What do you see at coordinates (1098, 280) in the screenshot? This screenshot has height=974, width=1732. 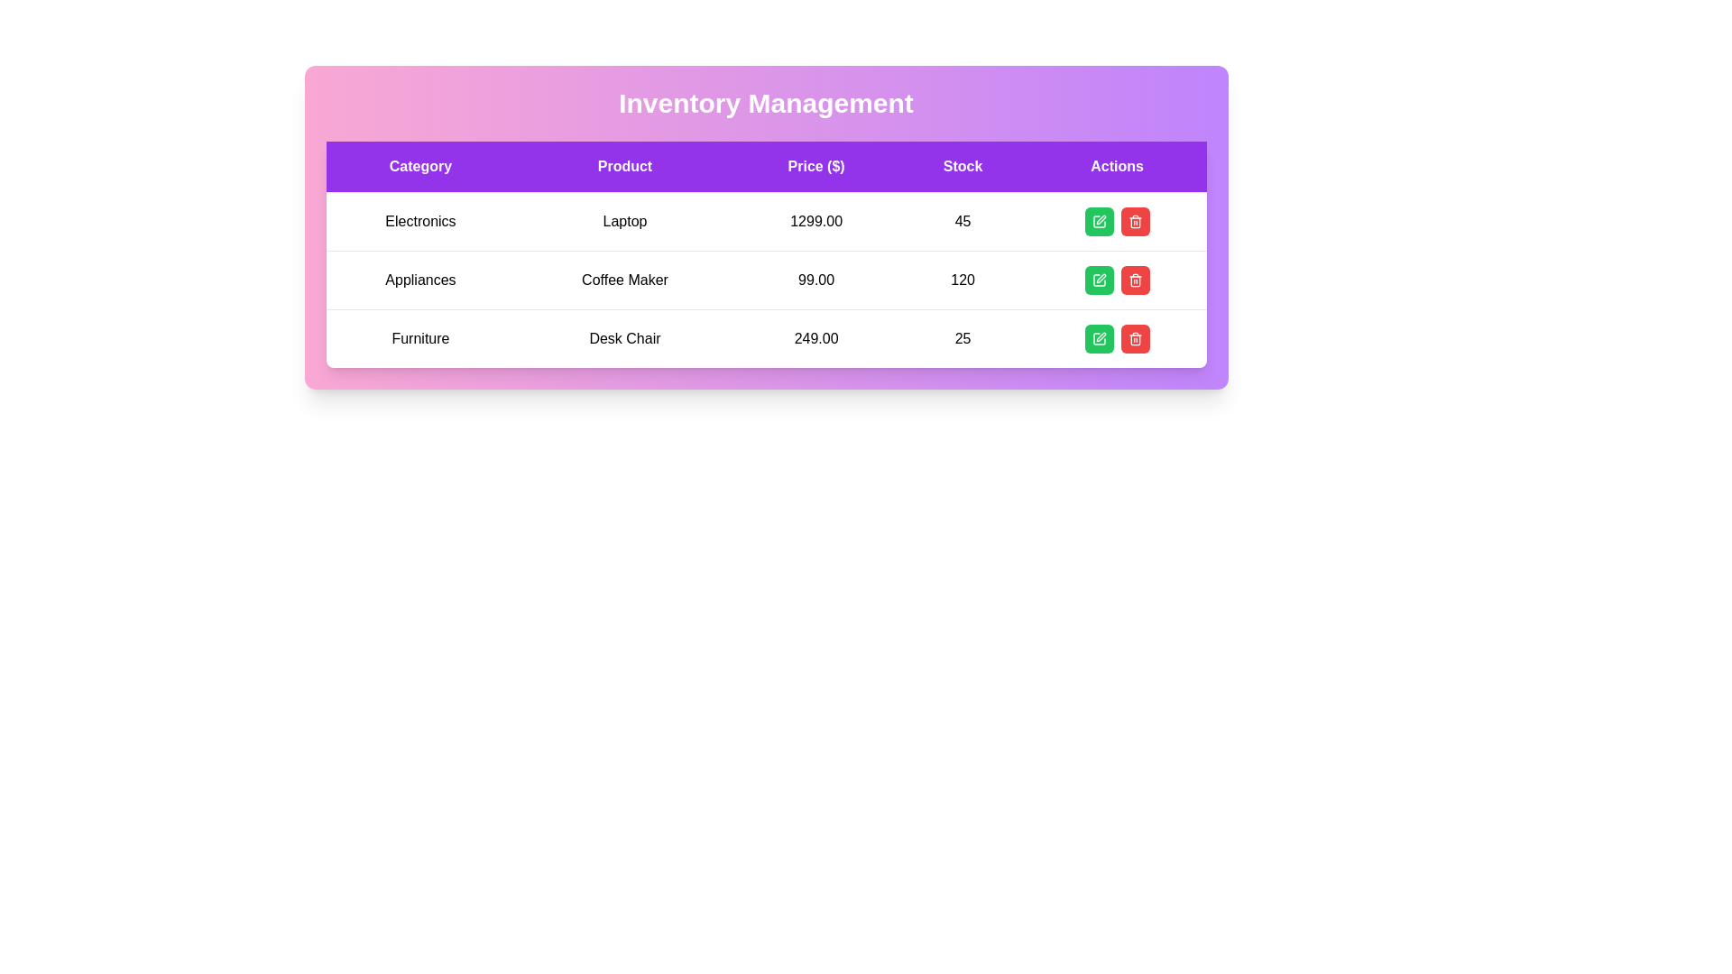 I see `the green button with a white pen icon located in the 'Actions' column of the second row to observe the hover effect` at bounding box center [1098, 280].